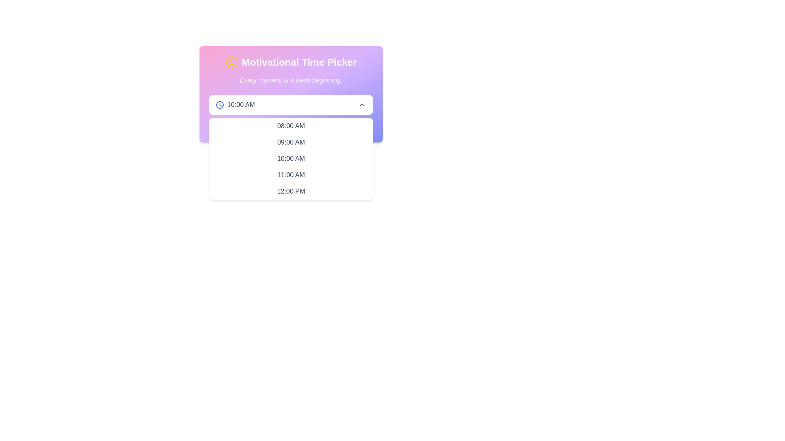  I want to click on the first option in the time picker dropdown, so click(291, 126).